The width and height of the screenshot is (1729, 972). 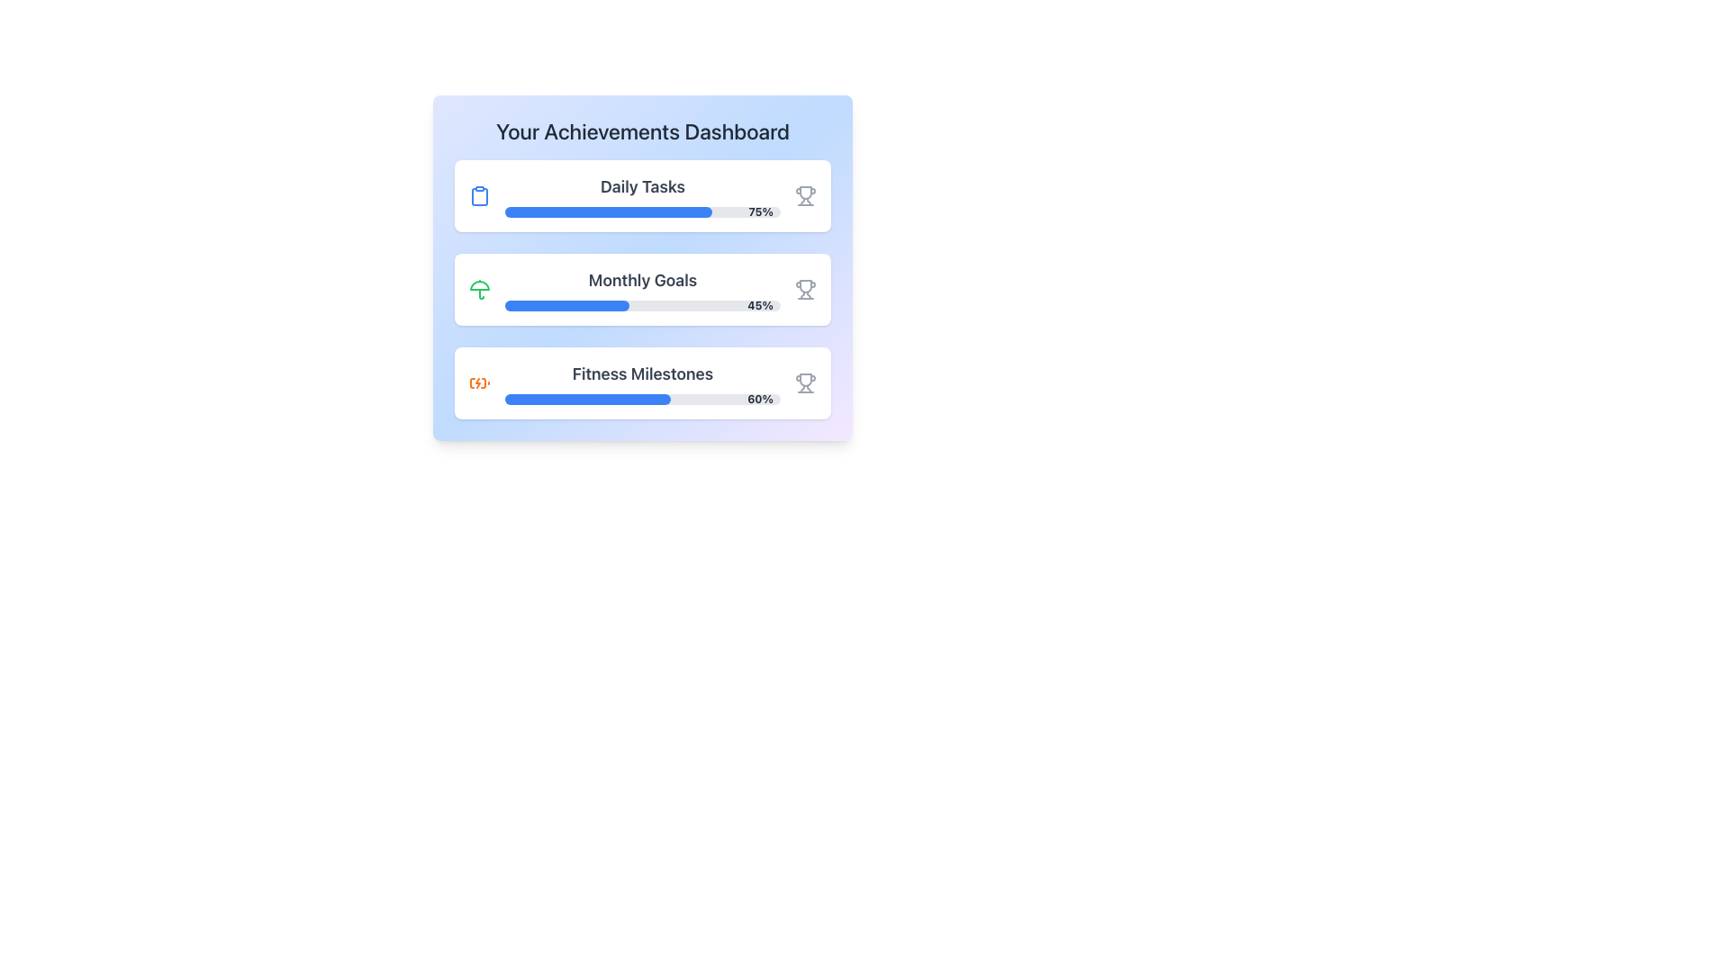 I want to click on the slender vertical line at the bottom center of the green umbrella icon in the 'Monthly Goals' section of the dashboard, so click(x=481, y=293).